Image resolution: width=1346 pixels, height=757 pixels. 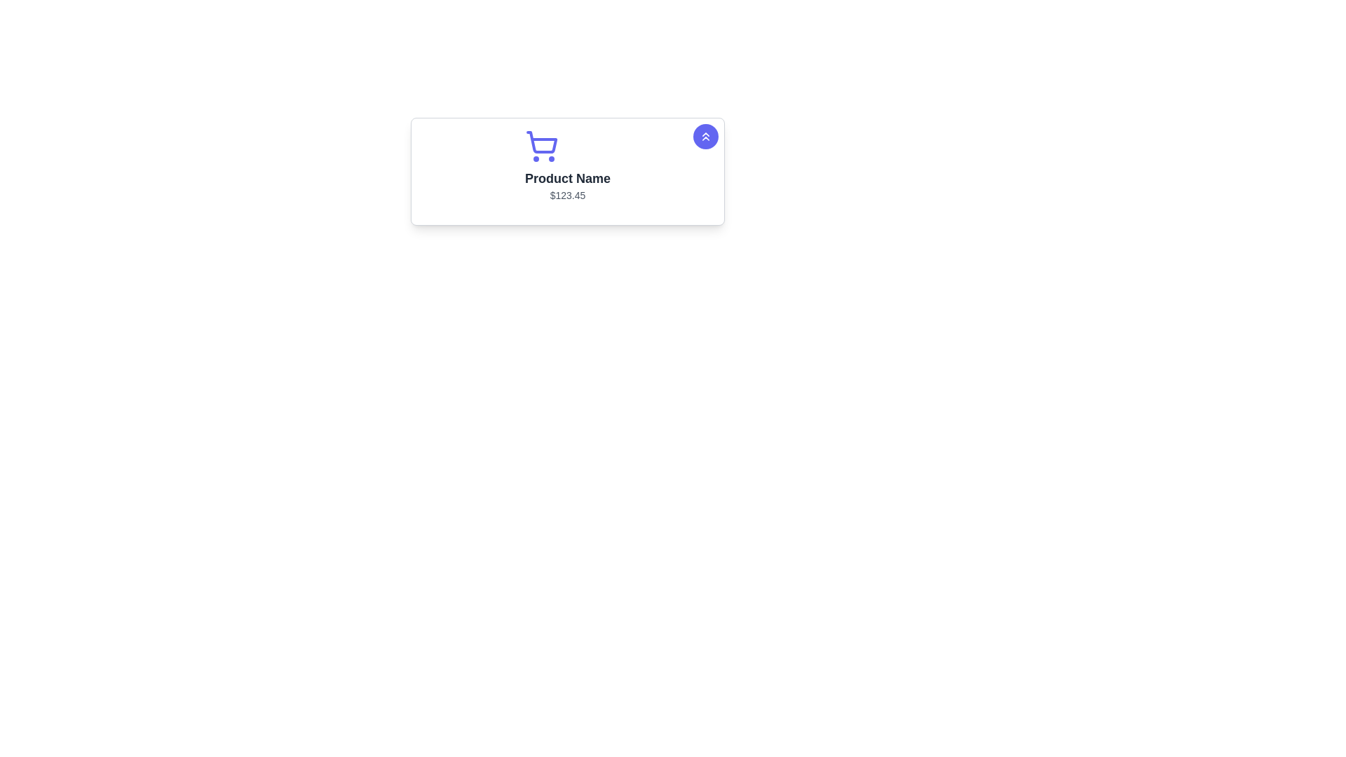 What do you see at coordinates (541, 146) in the screenshot?
I see `the shopping cart icon located at the top center of the product card, which indicates the add-to-cart functionality` at bounding box center [541, 146].